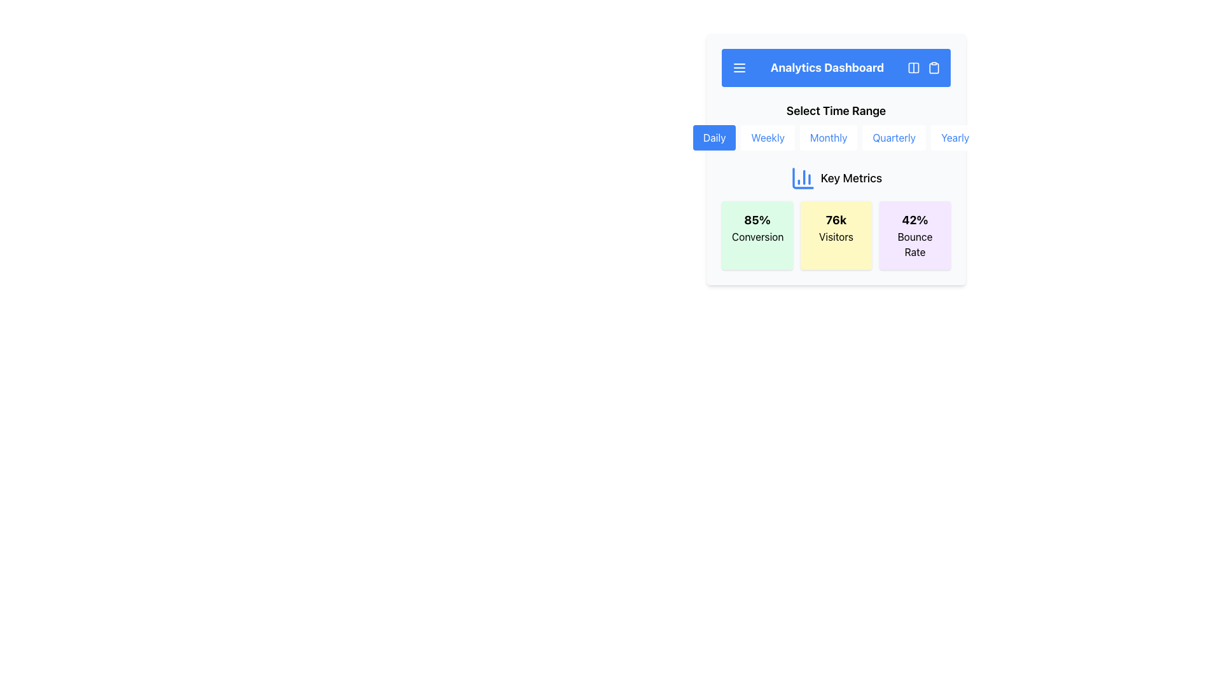 The width and height of the screenshot is (1221, 686). What do you see at coordinates (757, 220) in the screenshot?
I see `the text label displaying '85%' in bold font on a light green background, located at the top of a rectangular box within a grid-style layout` at bounding box center [757, 220].